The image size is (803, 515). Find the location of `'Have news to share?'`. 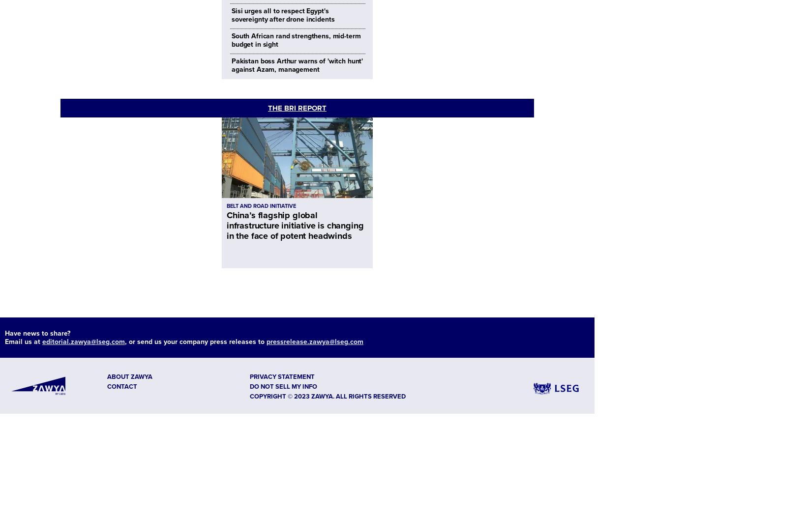

'Have news to share?' is located at coordinates (37, 333).